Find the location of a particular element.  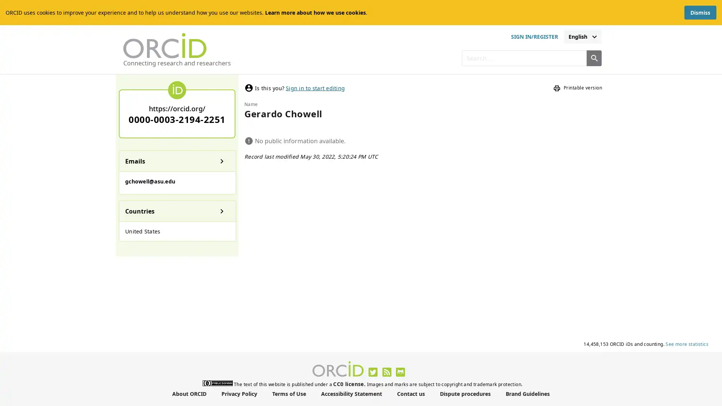

Show details is located at coordinates (221, 161).